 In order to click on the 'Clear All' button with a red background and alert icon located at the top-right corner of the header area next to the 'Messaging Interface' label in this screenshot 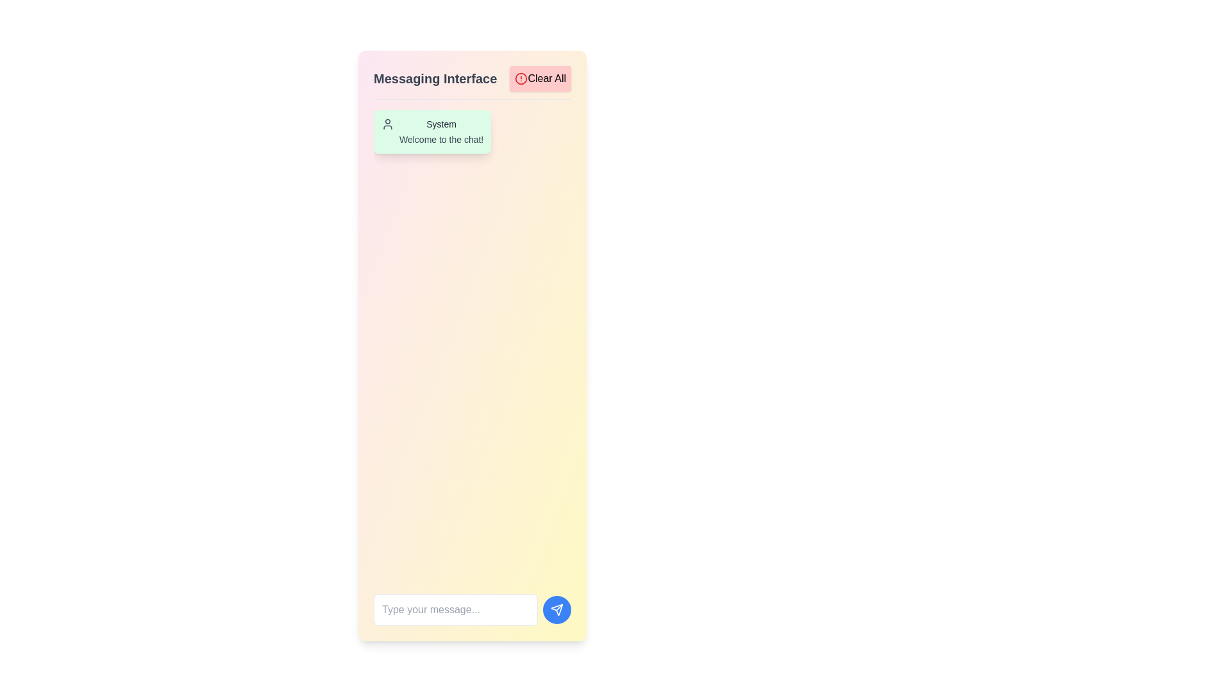, I will do `click(540, 79)`.